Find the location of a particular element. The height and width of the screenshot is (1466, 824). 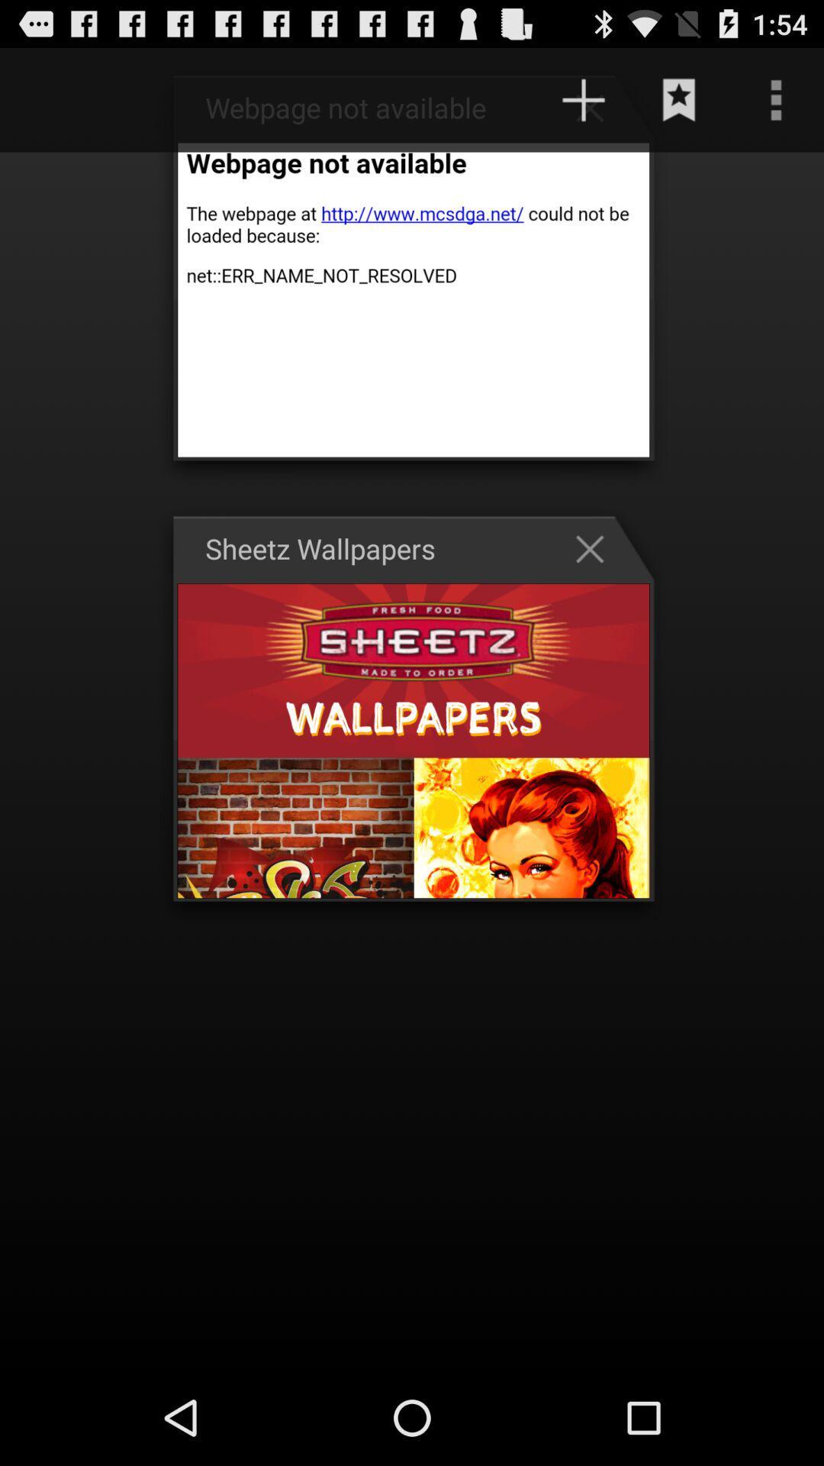

the close icon is located at coordinates (597, 586).